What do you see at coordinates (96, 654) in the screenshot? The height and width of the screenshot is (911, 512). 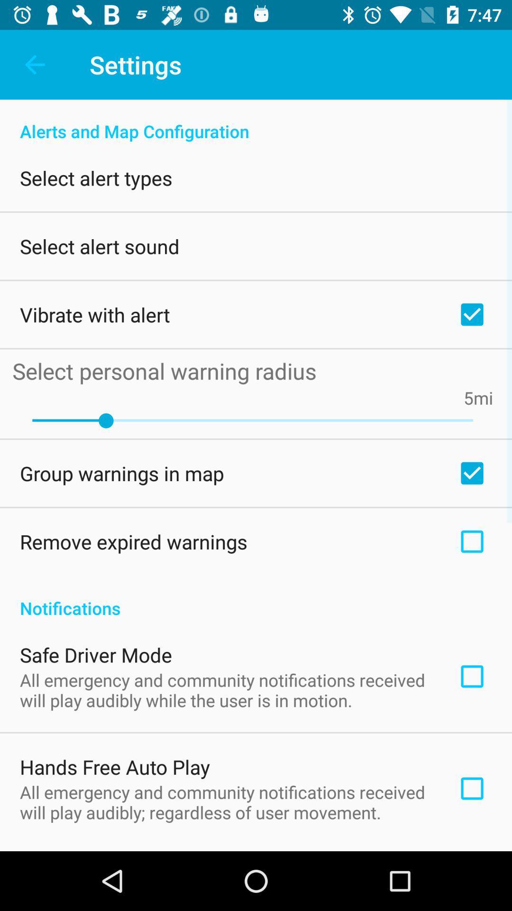 I see `app above the all emergency and` at bounding box center [96, 654].